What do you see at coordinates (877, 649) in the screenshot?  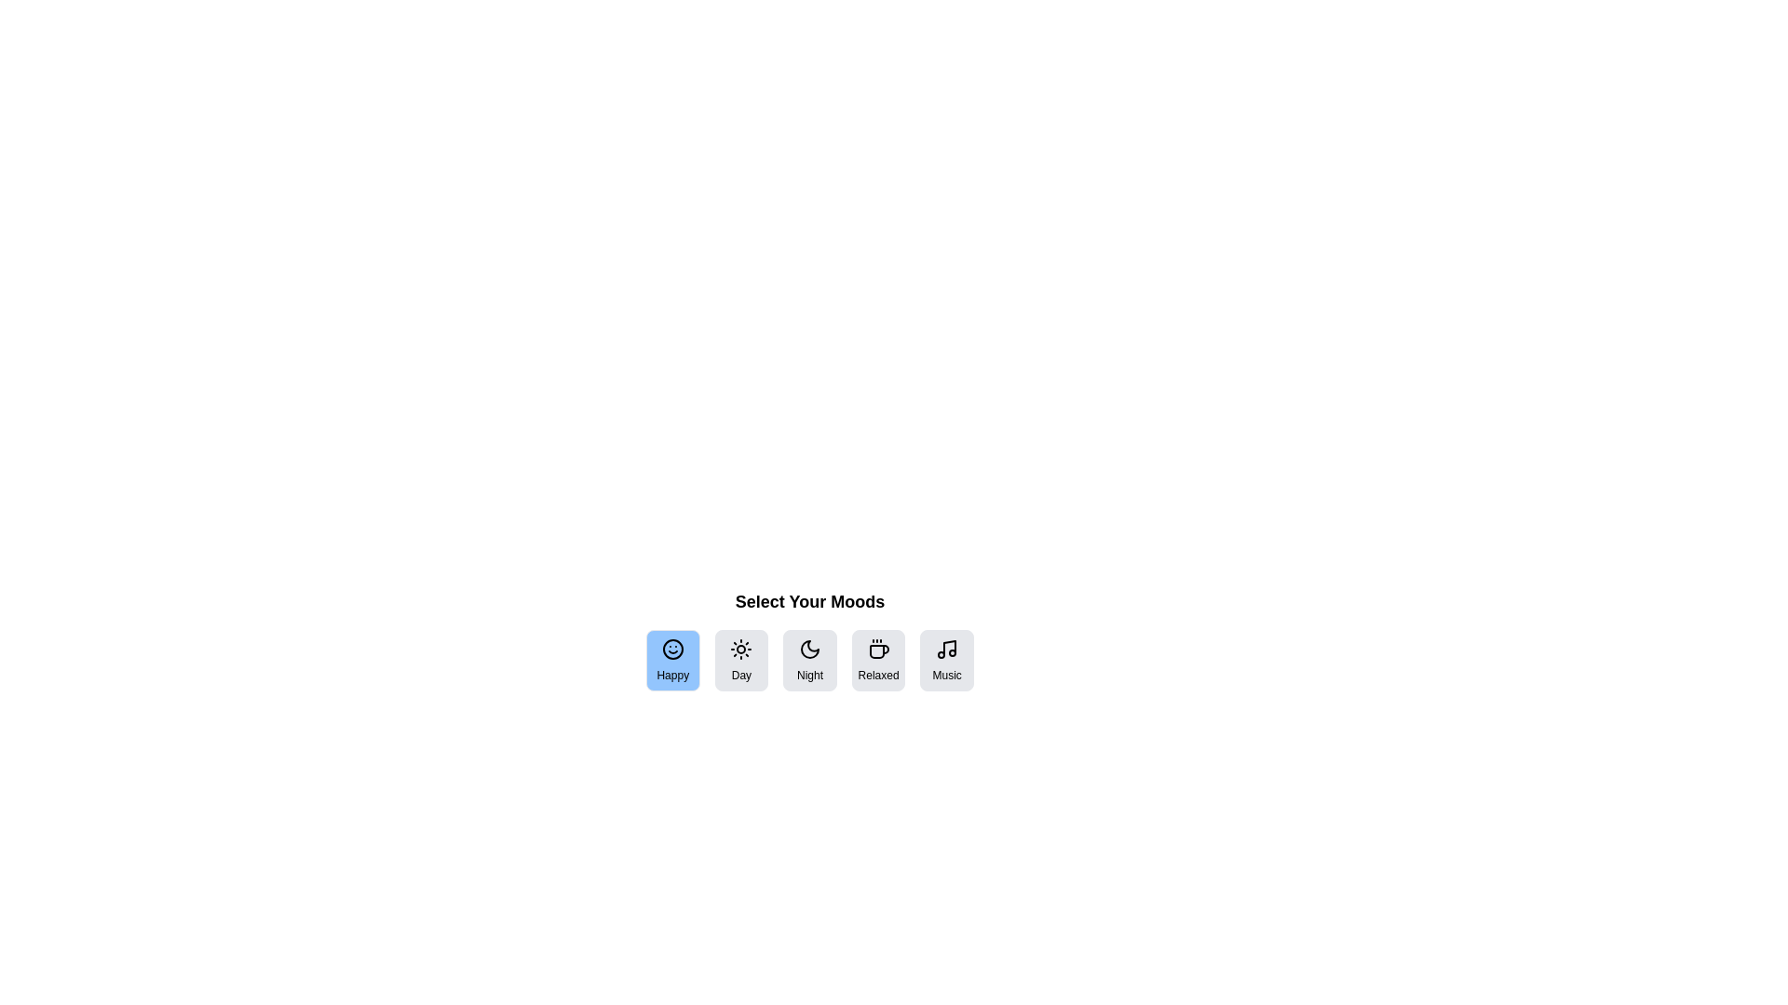 I see `coffee cup icon with steam above it, located in the center of the 'Relaxed' button in the mood selection interface for more details` at bounding box center [877, 649].